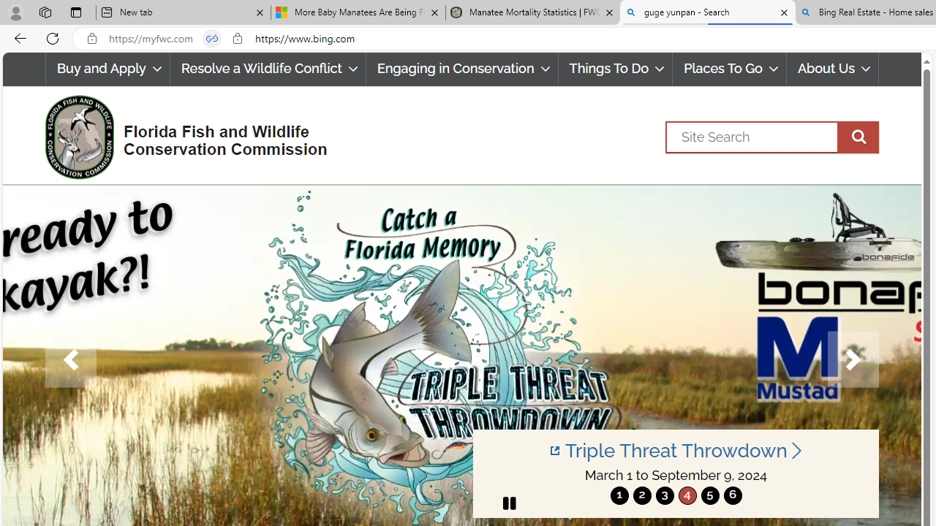 This screenshot has height=526, width=936. I want to click on 'Triple Threat Throwdown ', so click(675, 450).